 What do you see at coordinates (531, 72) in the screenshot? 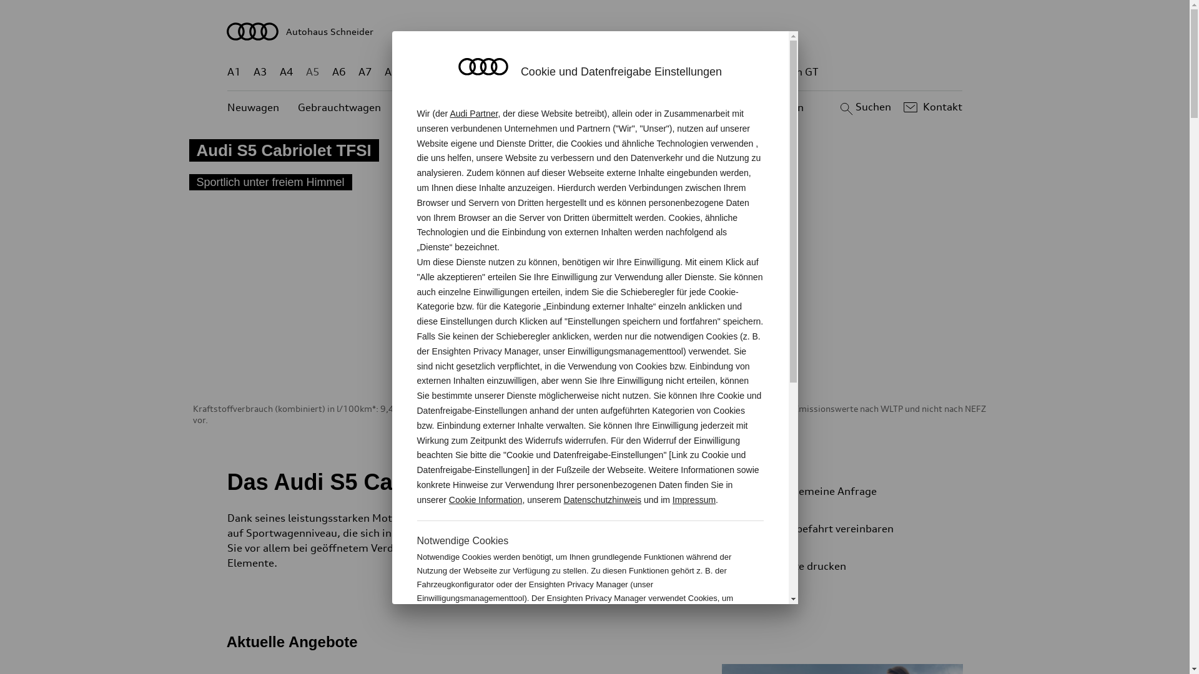
I see `'Q5'` at bounding box center [531, 72].